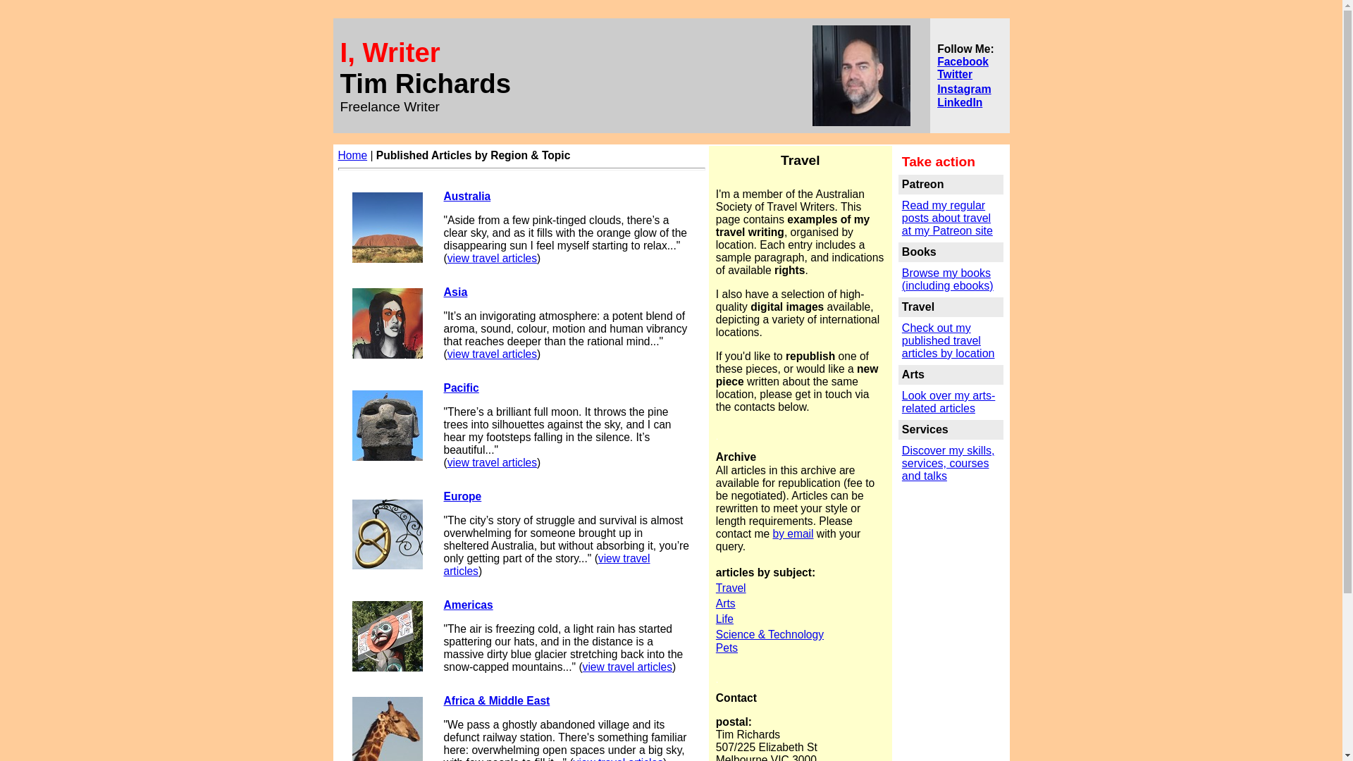 This screenshot has width=1353, height=761. I want to click on 'Asia', so click(443, 291).